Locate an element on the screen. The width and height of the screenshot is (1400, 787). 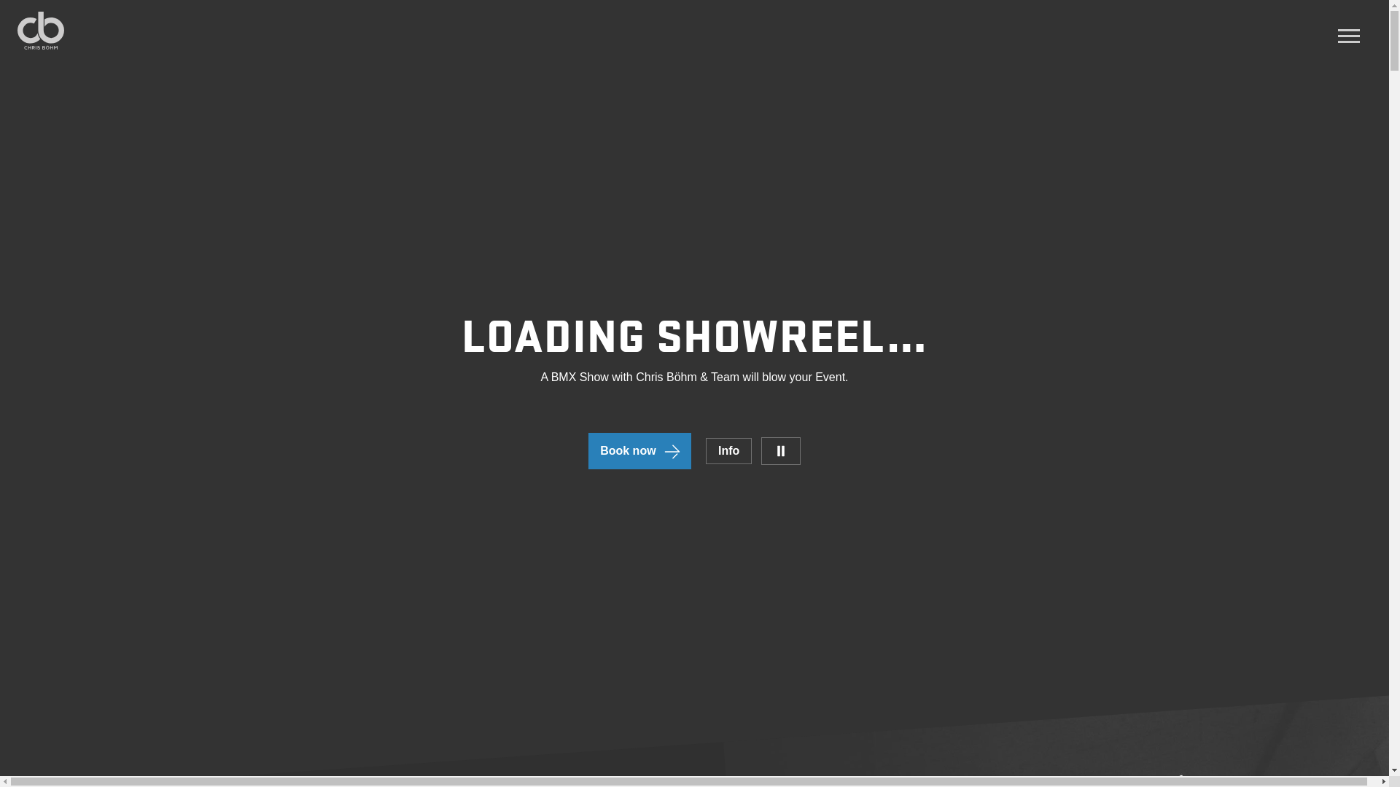
'Book now' is located at coordinates (639, 450).